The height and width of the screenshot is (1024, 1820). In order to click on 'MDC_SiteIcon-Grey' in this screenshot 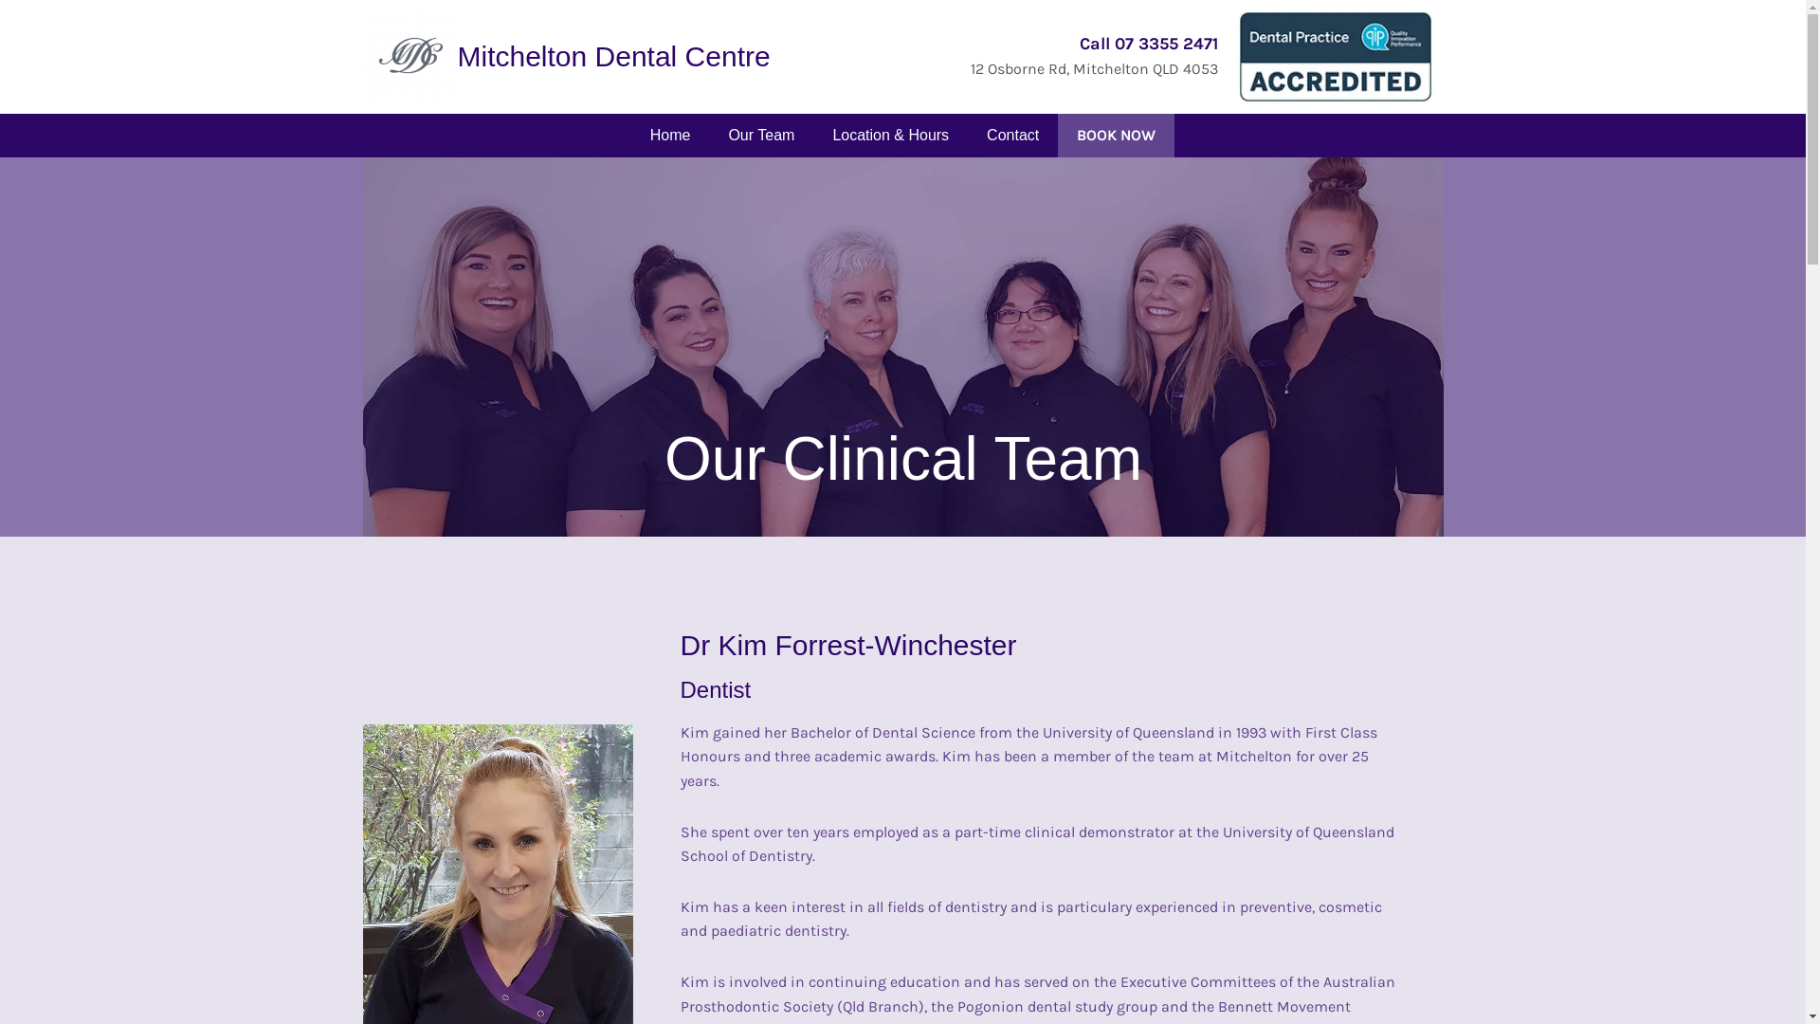, I will do `click(409, 56)`.